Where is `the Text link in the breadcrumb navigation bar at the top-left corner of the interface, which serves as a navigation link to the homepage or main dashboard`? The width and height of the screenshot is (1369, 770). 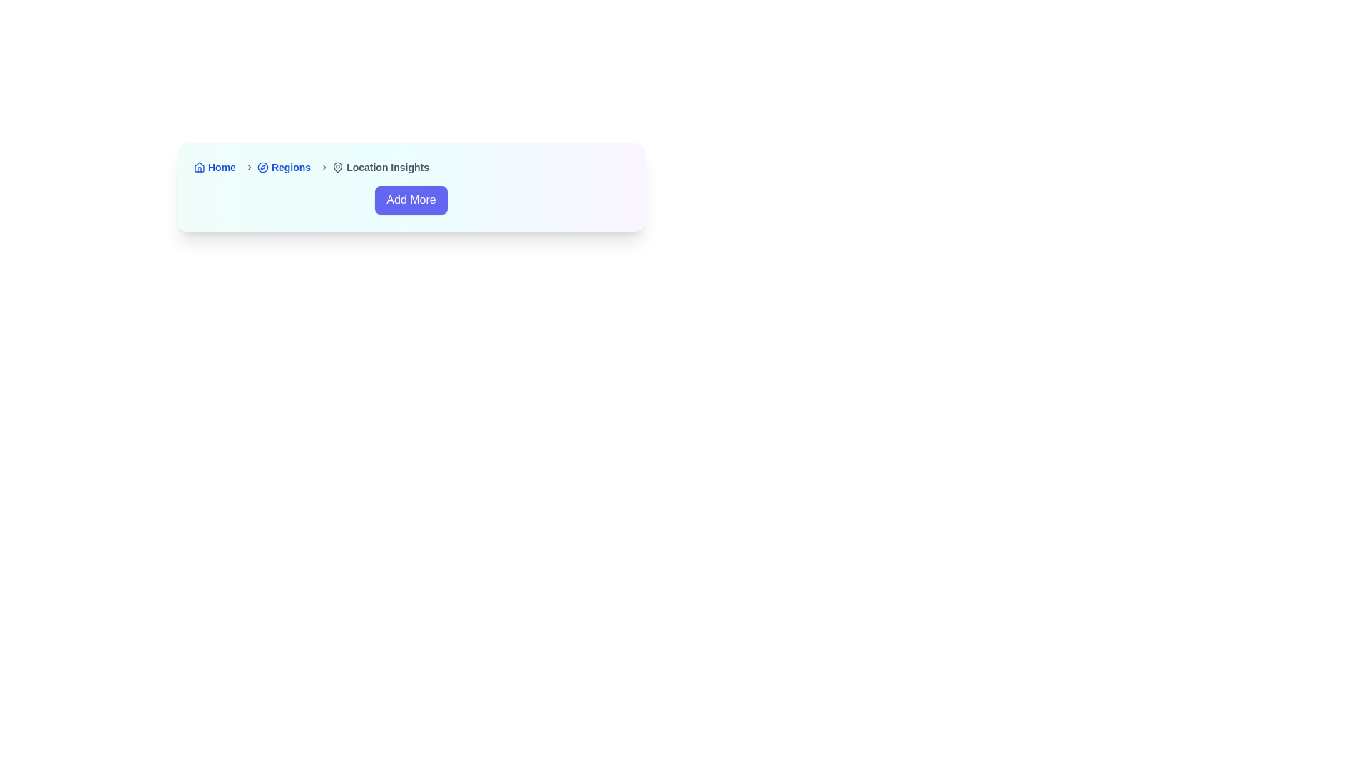 the Text link in the breadcrumb navigation bar at the top-left corner of the interface, which serves as a navigation link to the homepage or main dashboard is located at coordinates (221, 167).